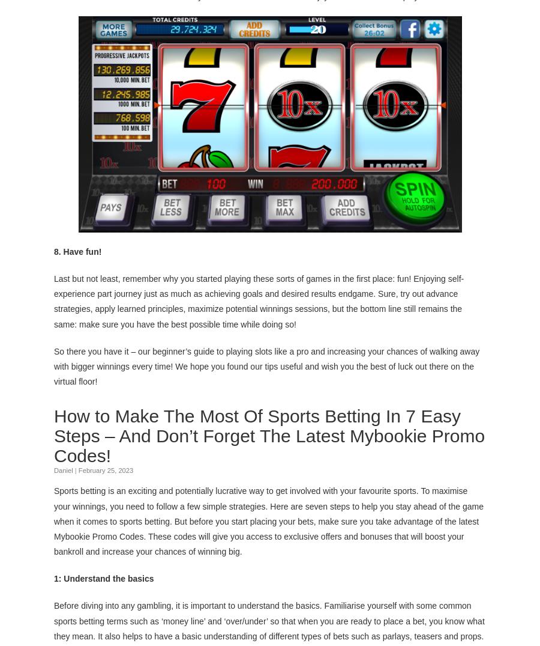 This screenshot has height=646, width=540. What do you see at coordinates (266, 528) in the screenshot?
I see `'latest Mybookie Promo Codes'` at bounding box center [266, 528].